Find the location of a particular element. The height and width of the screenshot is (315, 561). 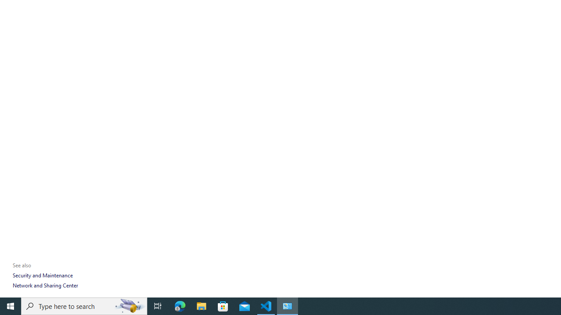

'File Explorer' is located at coordinates (201, 305).